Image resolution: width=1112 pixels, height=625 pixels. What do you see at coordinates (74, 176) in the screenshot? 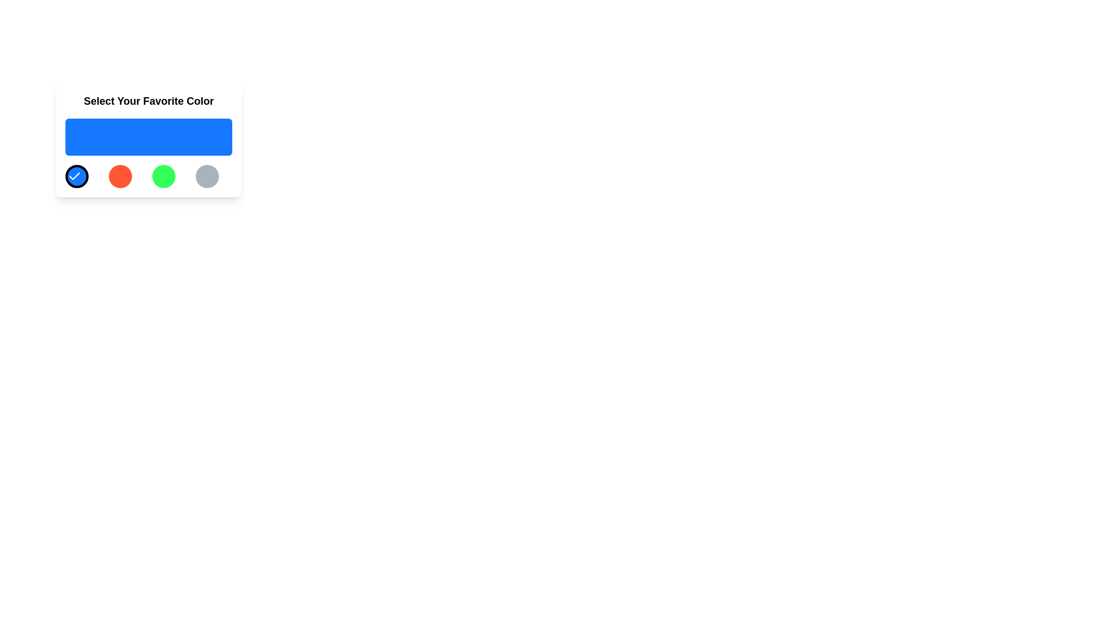
I see `the checkmark icon located in the center of the circular black button with a blue background, which is the first button in a horizontal group of four circular buttons` at bounding box center [74, 176].